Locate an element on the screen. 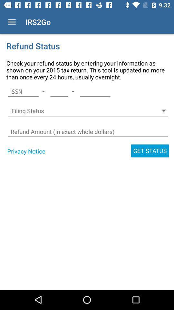 The width and height of the screenshot is (174, 310). the icon above the refund status item is located at coordinates (12, 22).